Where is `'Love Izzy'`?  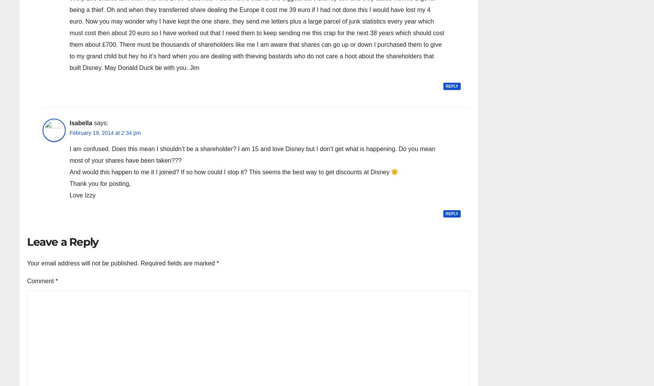 'Love Izzy' is located at coordinates (82, 195).